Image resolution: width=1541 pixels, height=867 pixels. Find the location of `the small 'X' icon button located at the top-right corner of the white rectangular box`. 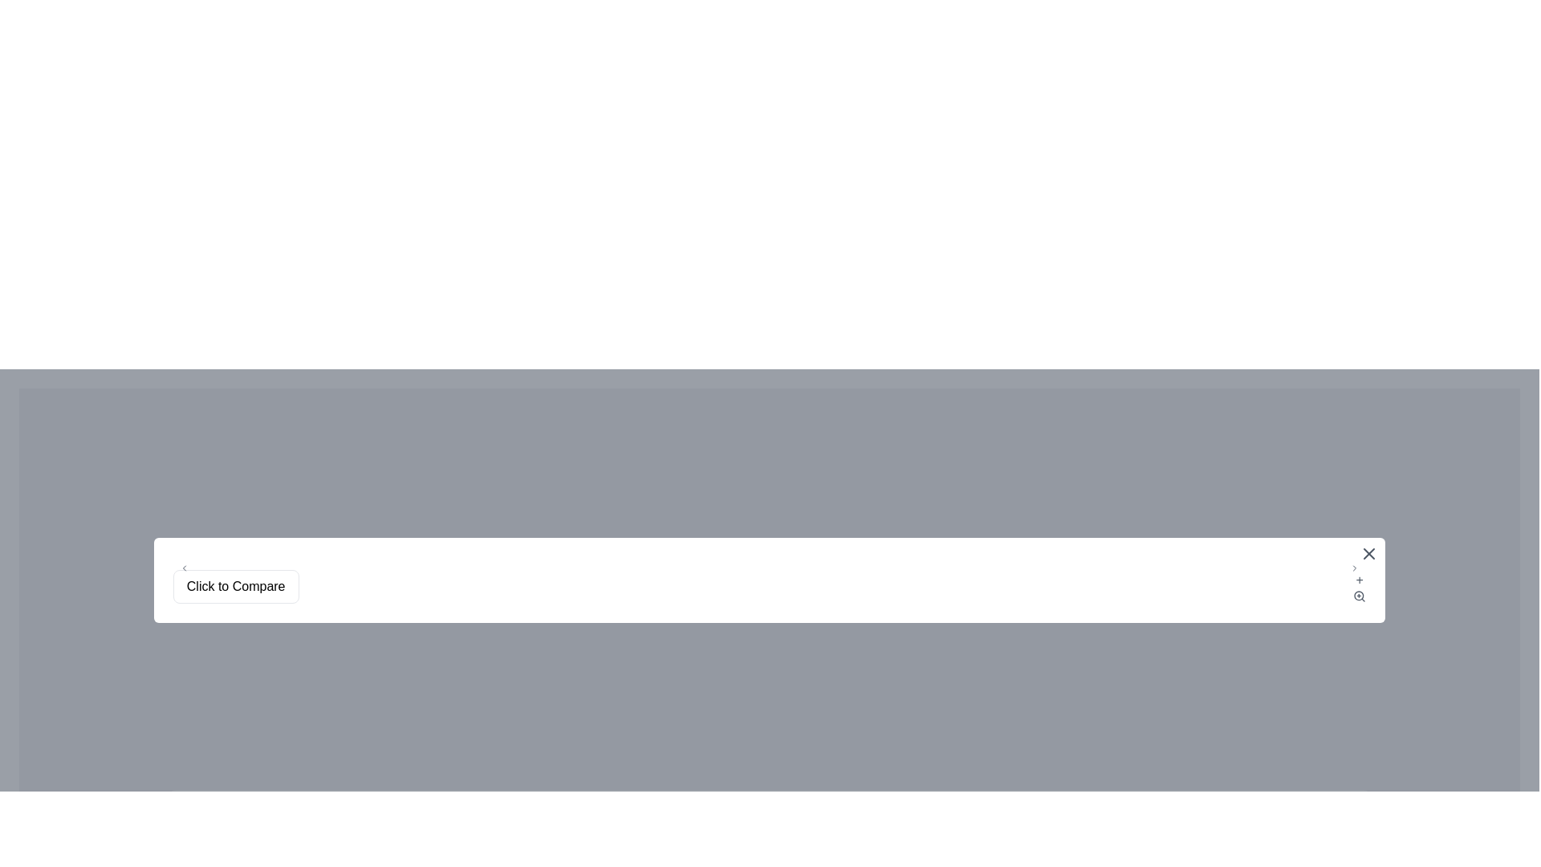

the small 'X' icon button located at the top-right corner of the white rectangular box is located at coordinates (1368, 553).